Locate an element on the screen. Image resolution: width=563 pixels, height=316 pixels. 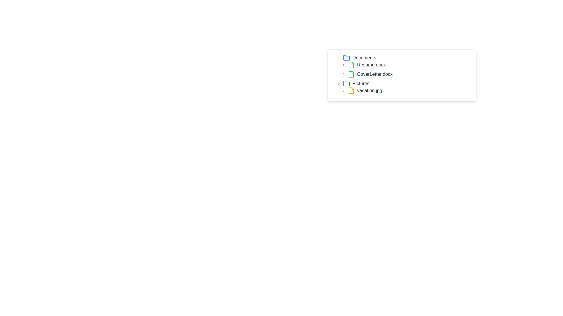
the linked document icon representing 'CoverLetter.docx' is located at coordinates (351, 74).